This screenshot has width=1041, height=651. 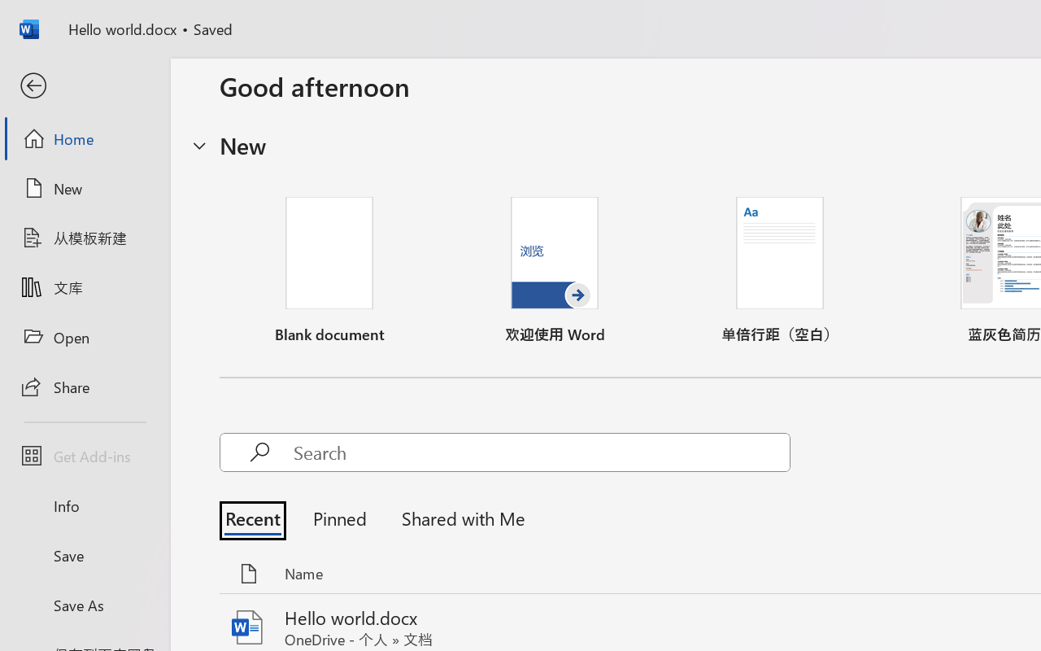 I want to click on 'Back', so click(x=84, y=85).